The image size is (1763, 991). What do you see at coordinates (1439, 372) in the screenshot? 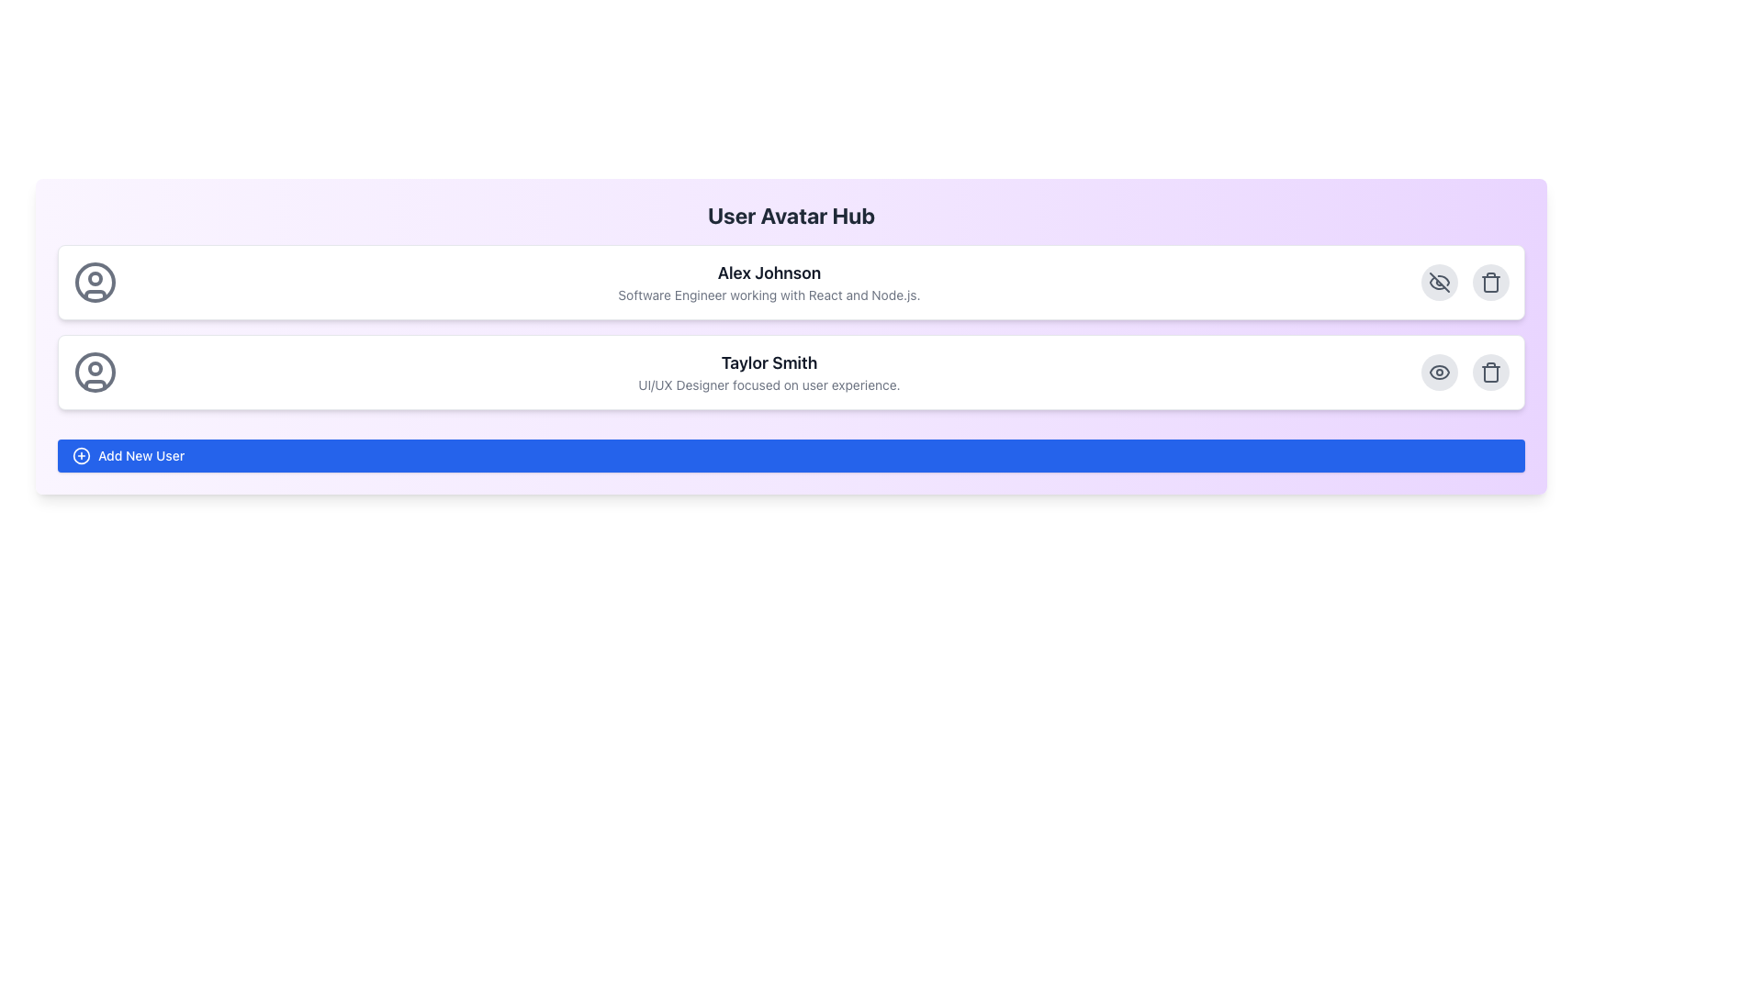
I see `the outlined eye icon representing the visibility toggle located to the right of the user information field for Taylor Smith` at bounding box center [1439, 372].